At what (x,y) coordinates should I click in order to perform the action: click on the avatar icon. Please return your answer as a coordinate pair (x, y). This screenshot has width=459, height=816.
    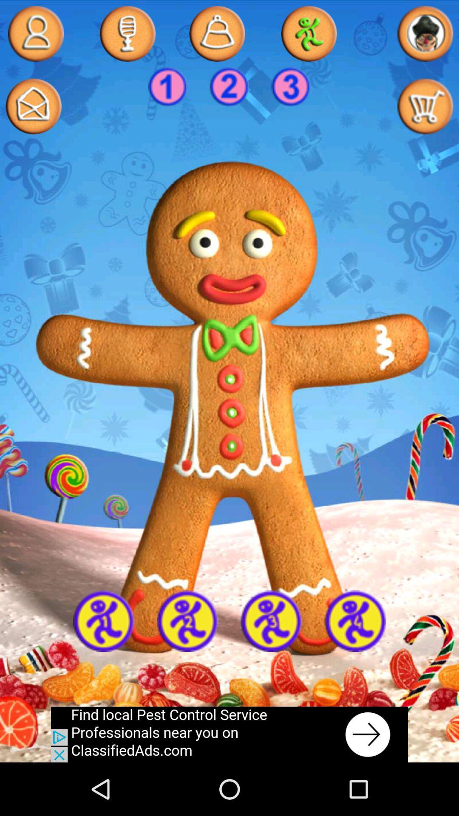
    Looking at the image, I should click on (35, 35).